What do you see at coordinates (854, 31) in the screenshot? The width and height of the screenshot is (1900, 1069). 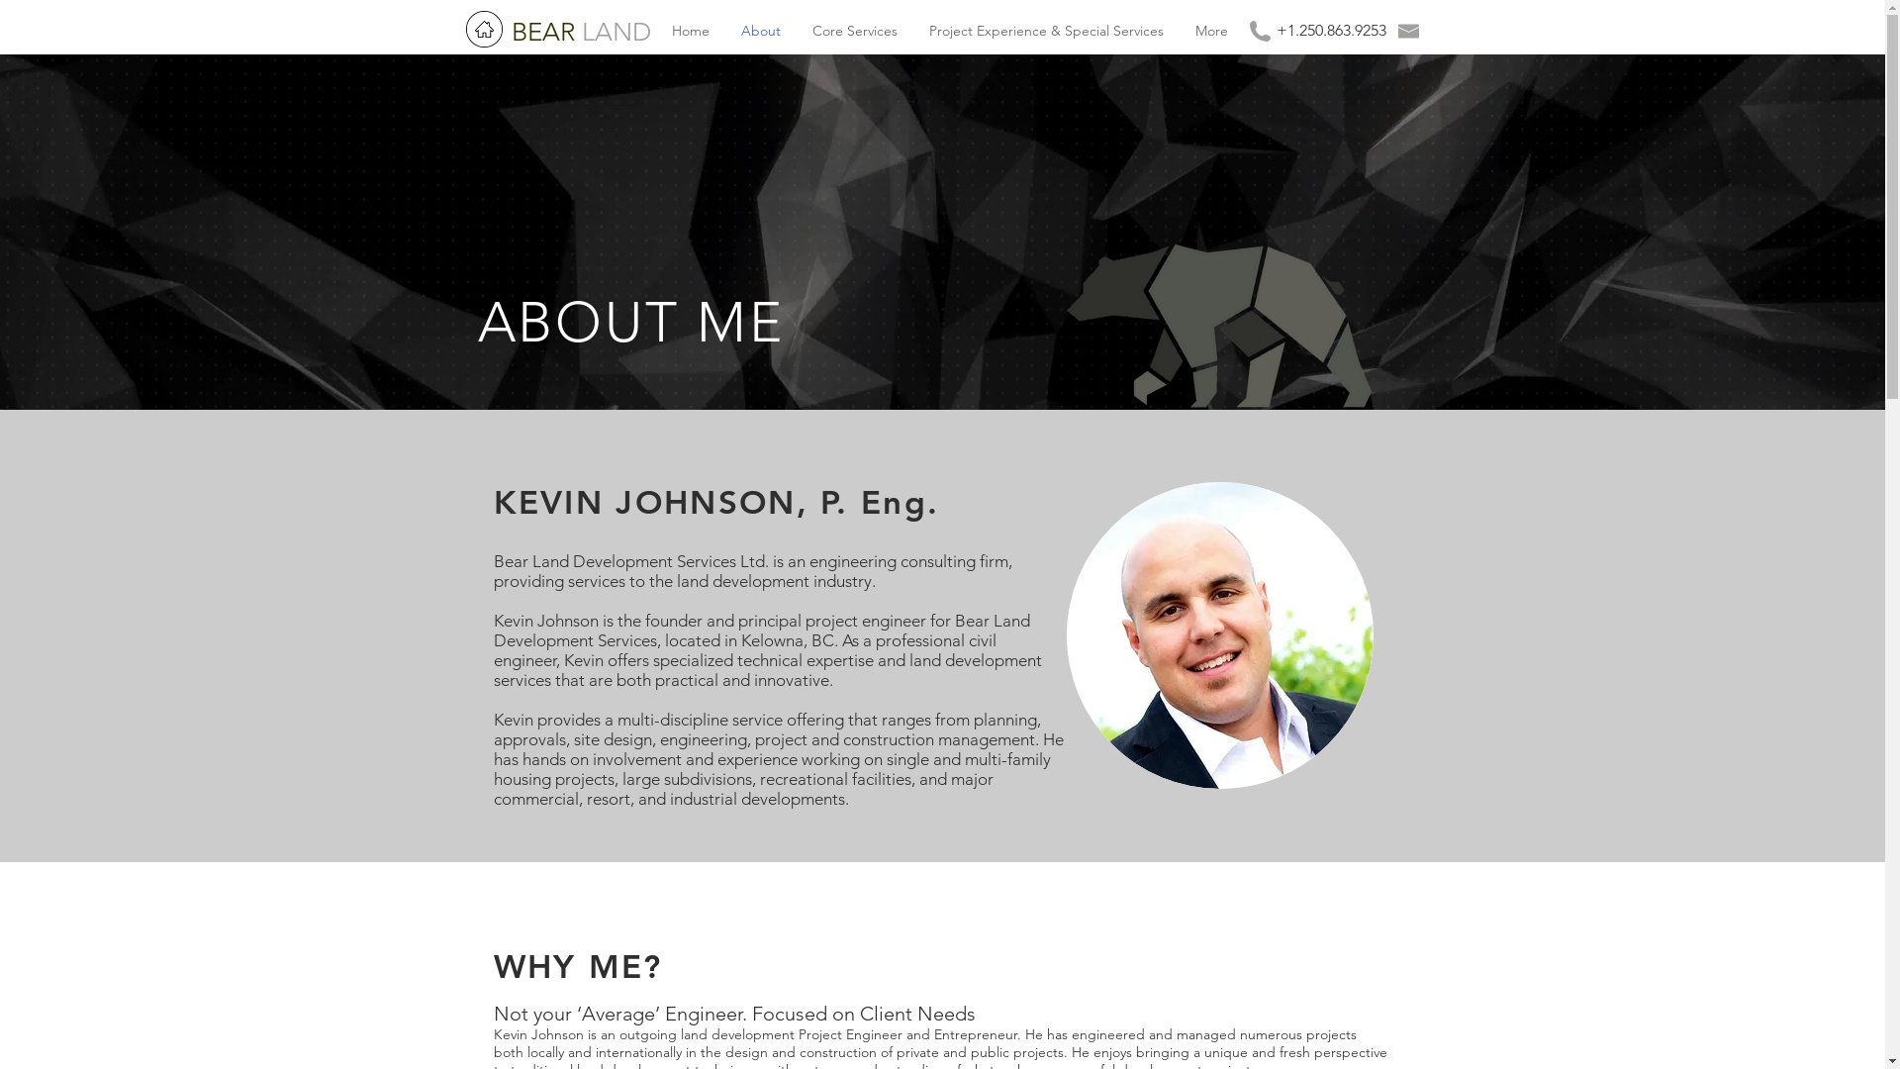 I see `'Core Services'` at bounding box center [854, 31].